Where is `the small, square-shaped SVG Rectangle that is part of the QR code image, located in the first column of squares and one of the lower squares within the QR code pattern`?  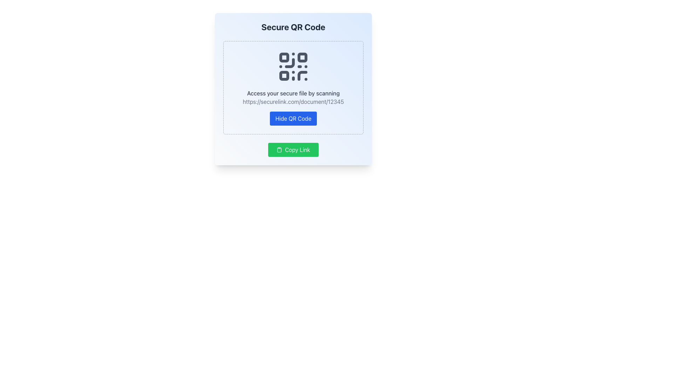 the small, square-shaped SVG Rectangle that is part of the QR code image, located in the first column of squares and one of the lower squares within the QR code pattern is located at coordinates (284, 76).